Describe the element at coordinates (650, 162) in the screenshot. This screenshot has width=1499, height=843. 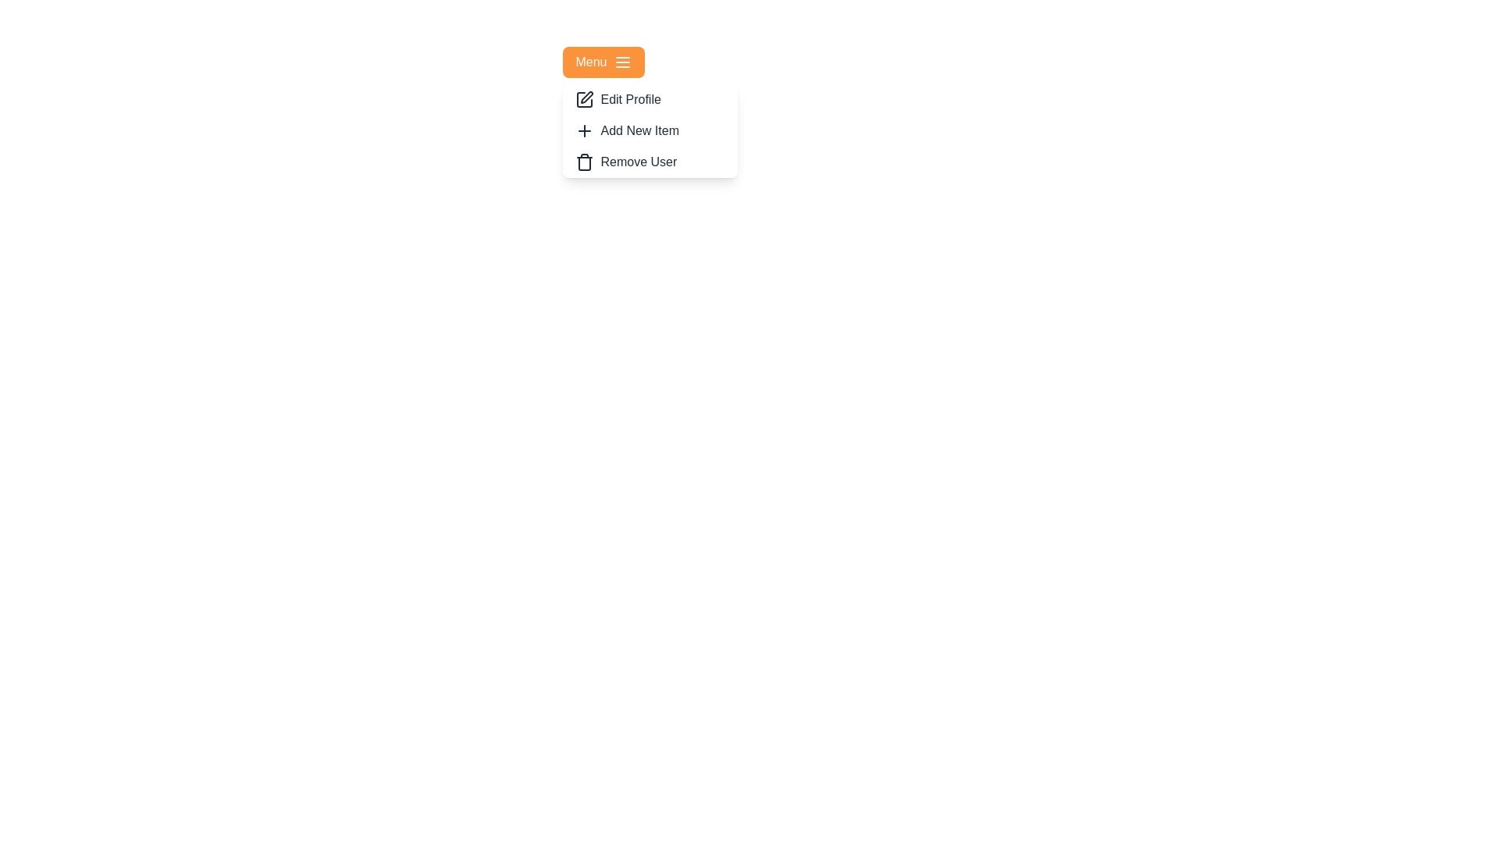
I see `the menu item Remove User to reveal its hover effect` at that location.